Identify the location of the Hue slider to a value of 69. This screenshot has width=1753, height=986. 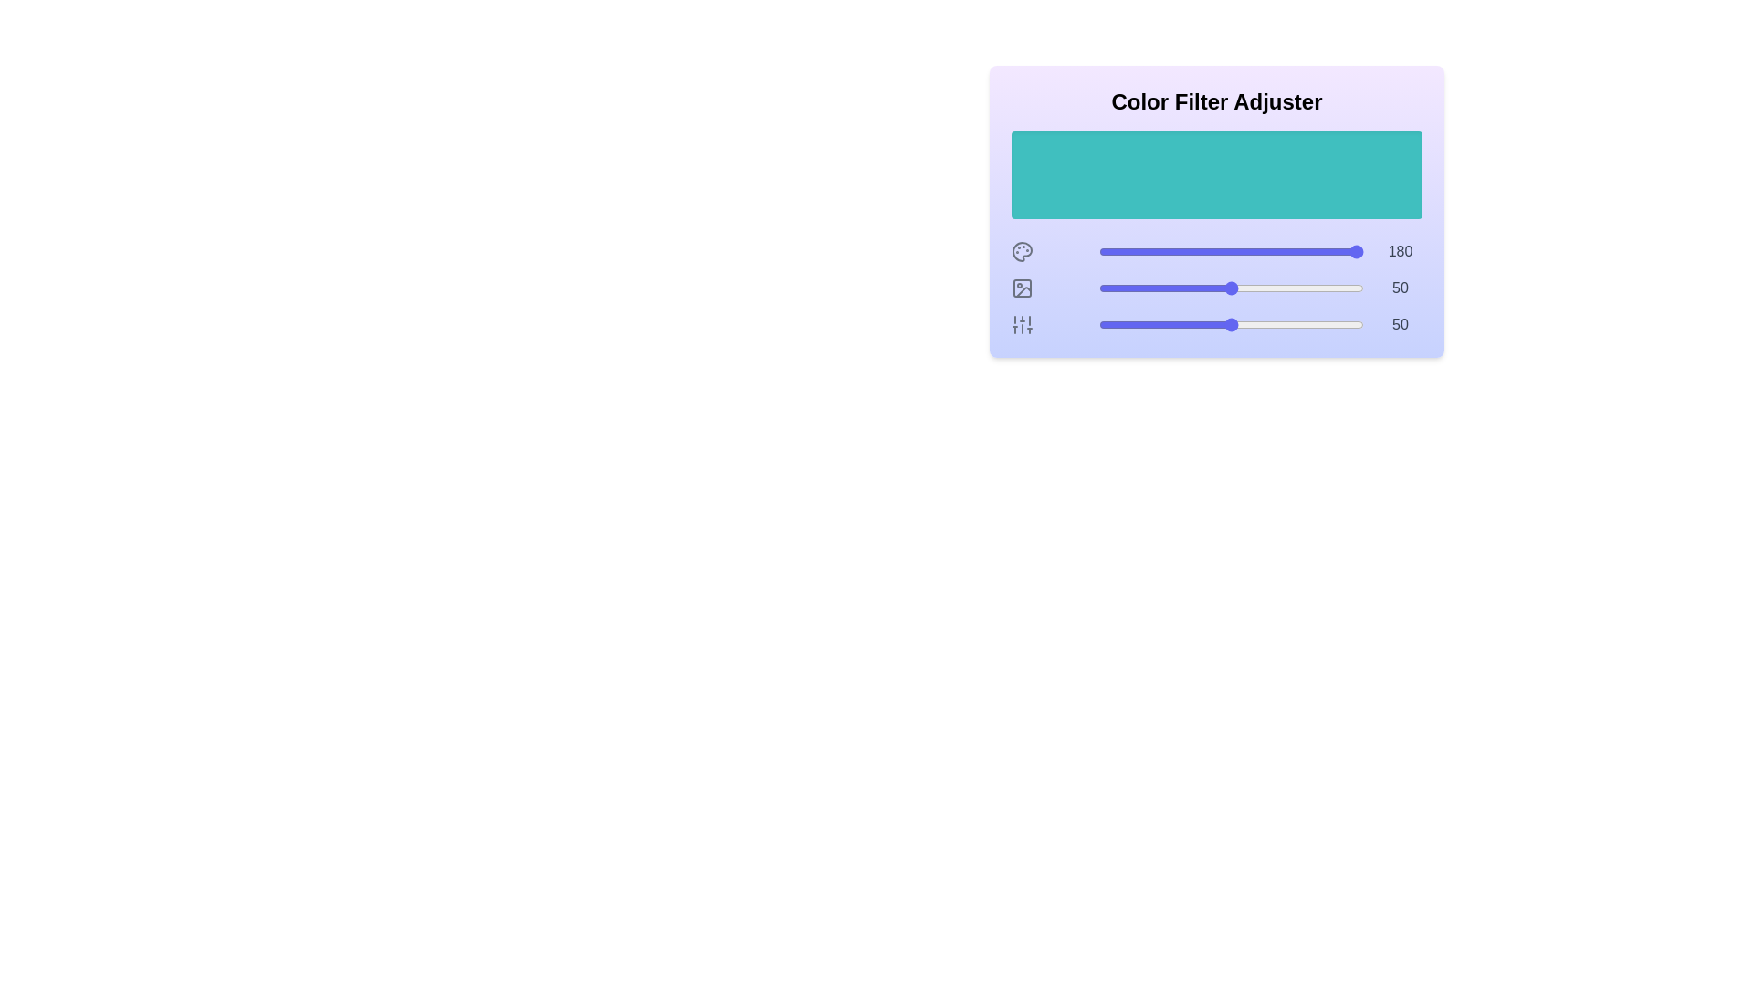
(1281, 252).